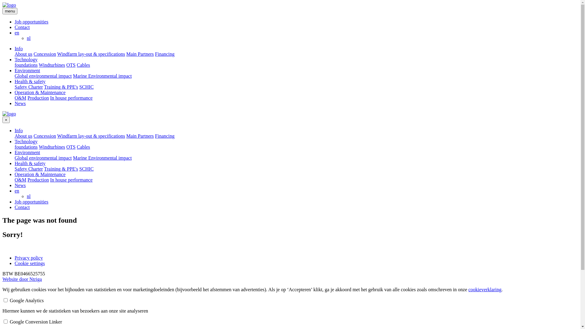 This screenshot has width=585, height=329. I want to click on 'Windfarm lay-out & specifications', so click(57, 136).